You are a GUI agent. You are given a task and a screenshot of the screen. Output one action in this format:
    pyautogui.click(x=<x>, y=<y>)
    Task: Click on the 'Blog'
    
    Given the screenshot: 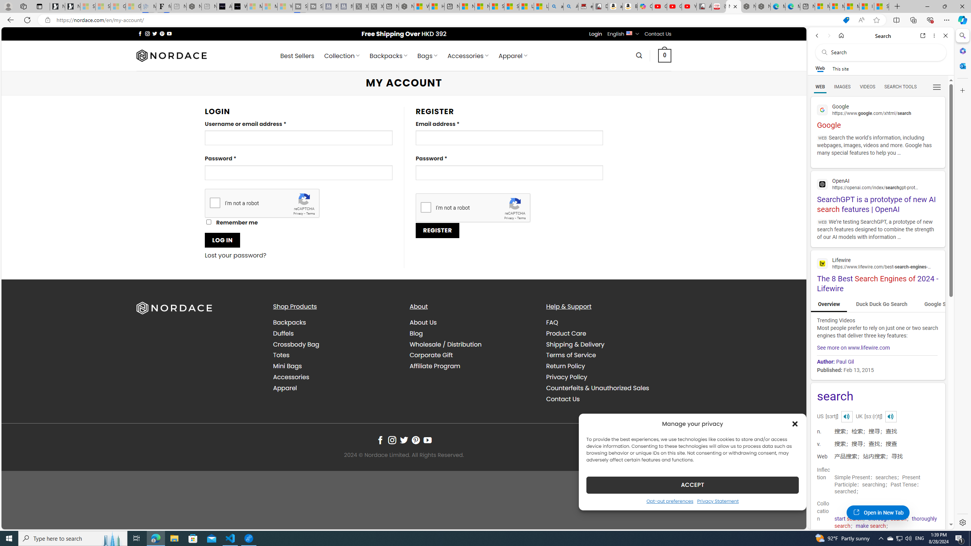 What is the action you would take?
    pyautogui.click(x=416, y=333)
    